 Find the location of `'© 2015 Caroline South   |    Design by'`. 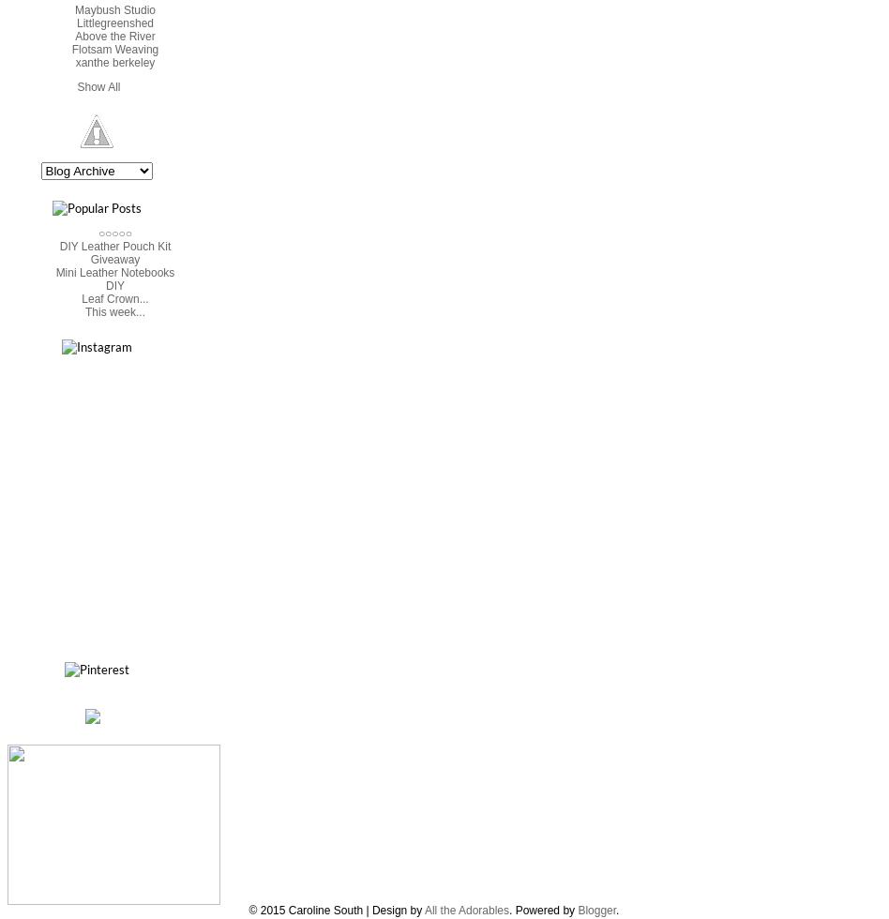

'© 2015 Caroline South   |    Design by' is located at coordinates (335, 910).